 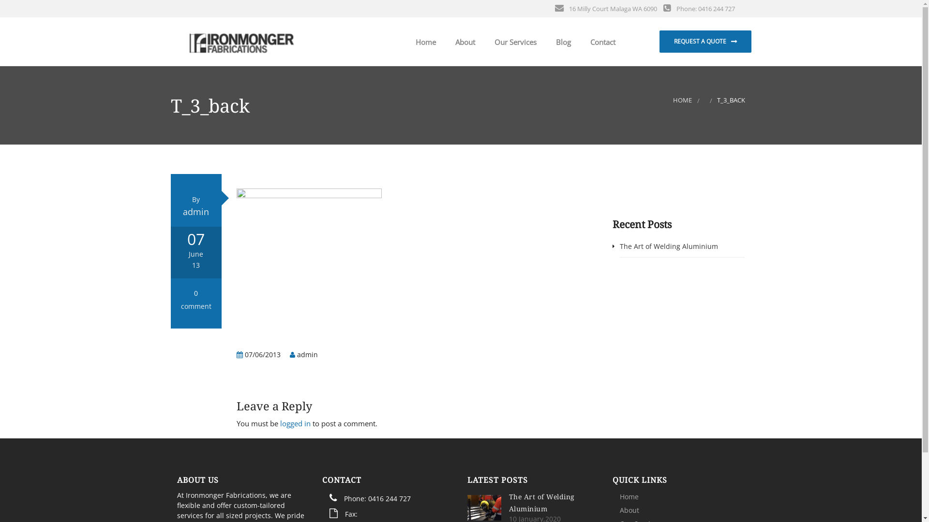 I want to click on 'Welding', so click(x=517, y=72).